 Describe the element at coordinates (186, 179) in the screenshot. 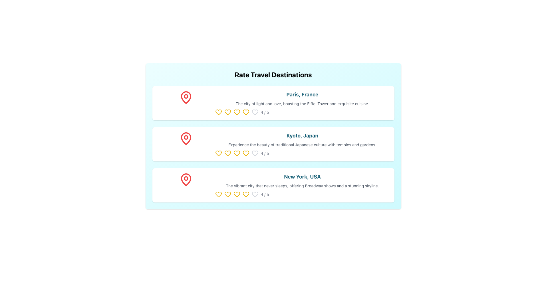

I see `the location marker icon for the travel destination in the last section representing 'New York, USA'` at that location.